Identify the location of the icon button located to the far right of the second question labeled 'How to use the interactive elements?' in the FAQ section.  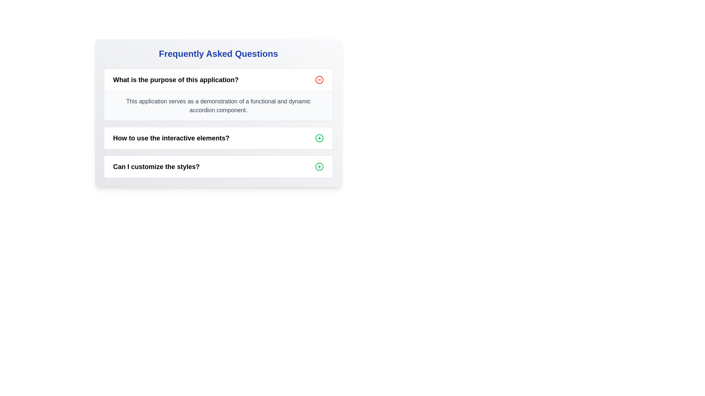
(319, 138).